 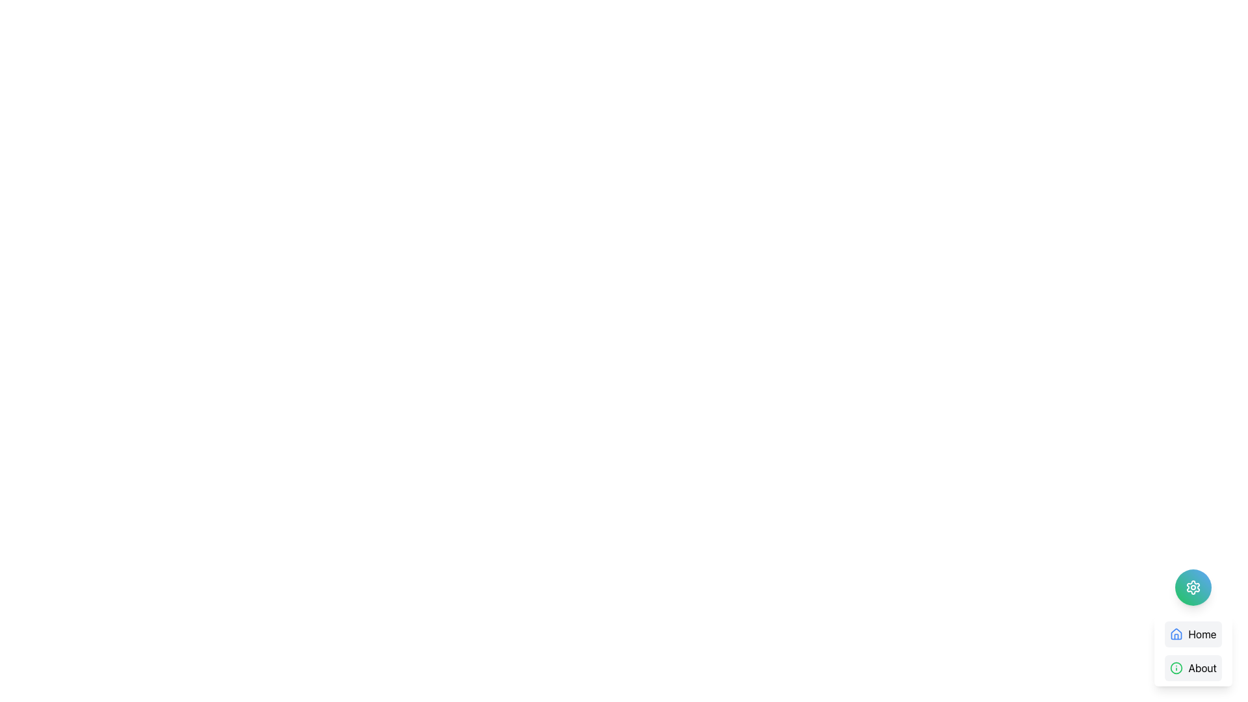 I want to click on the house icon located at the bottom-right corner of the interface to interact with it, so click(x=1176, y=633).